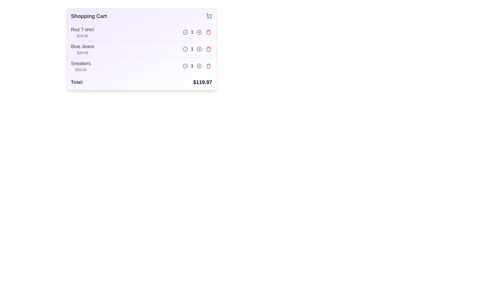 This screenshot has width=500, height=281. Describe the element at coordinates (185, 49) in the screenshot. I see `the quantity decrement button for 'Blue Jeans' in the shopping cart to decrease the item quantity by one` at that location.